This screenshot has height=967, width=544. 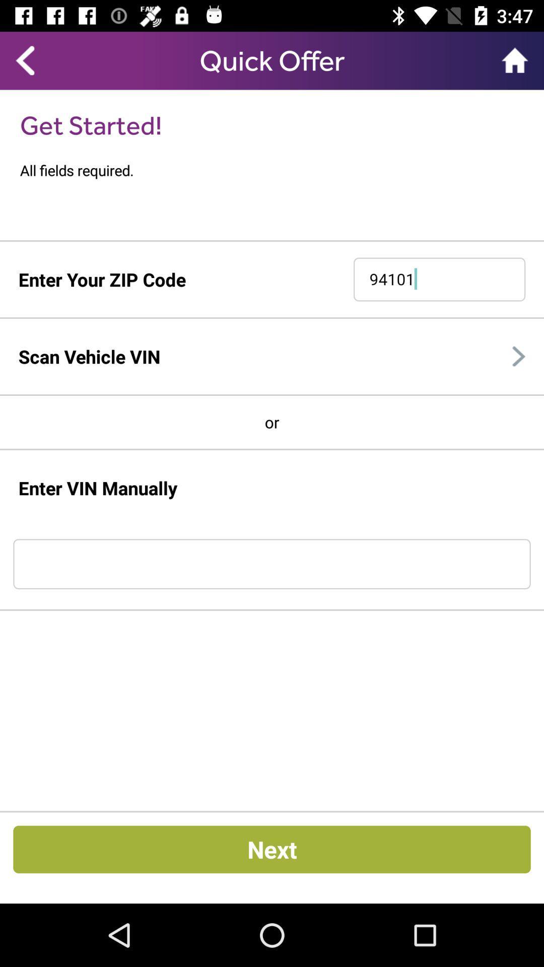 I want to click on the text below the get started, so click(x=282, y=171).